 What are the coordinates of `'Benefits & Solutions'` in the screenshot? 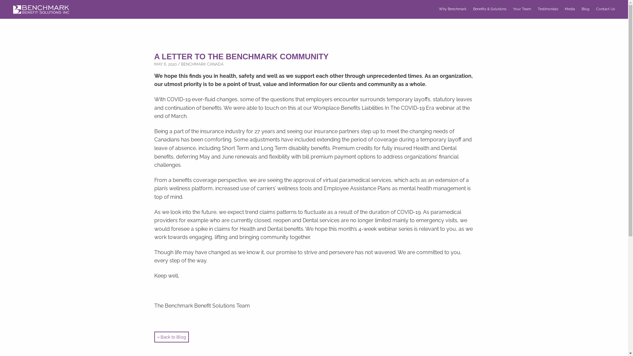 It's located at (473, 9).